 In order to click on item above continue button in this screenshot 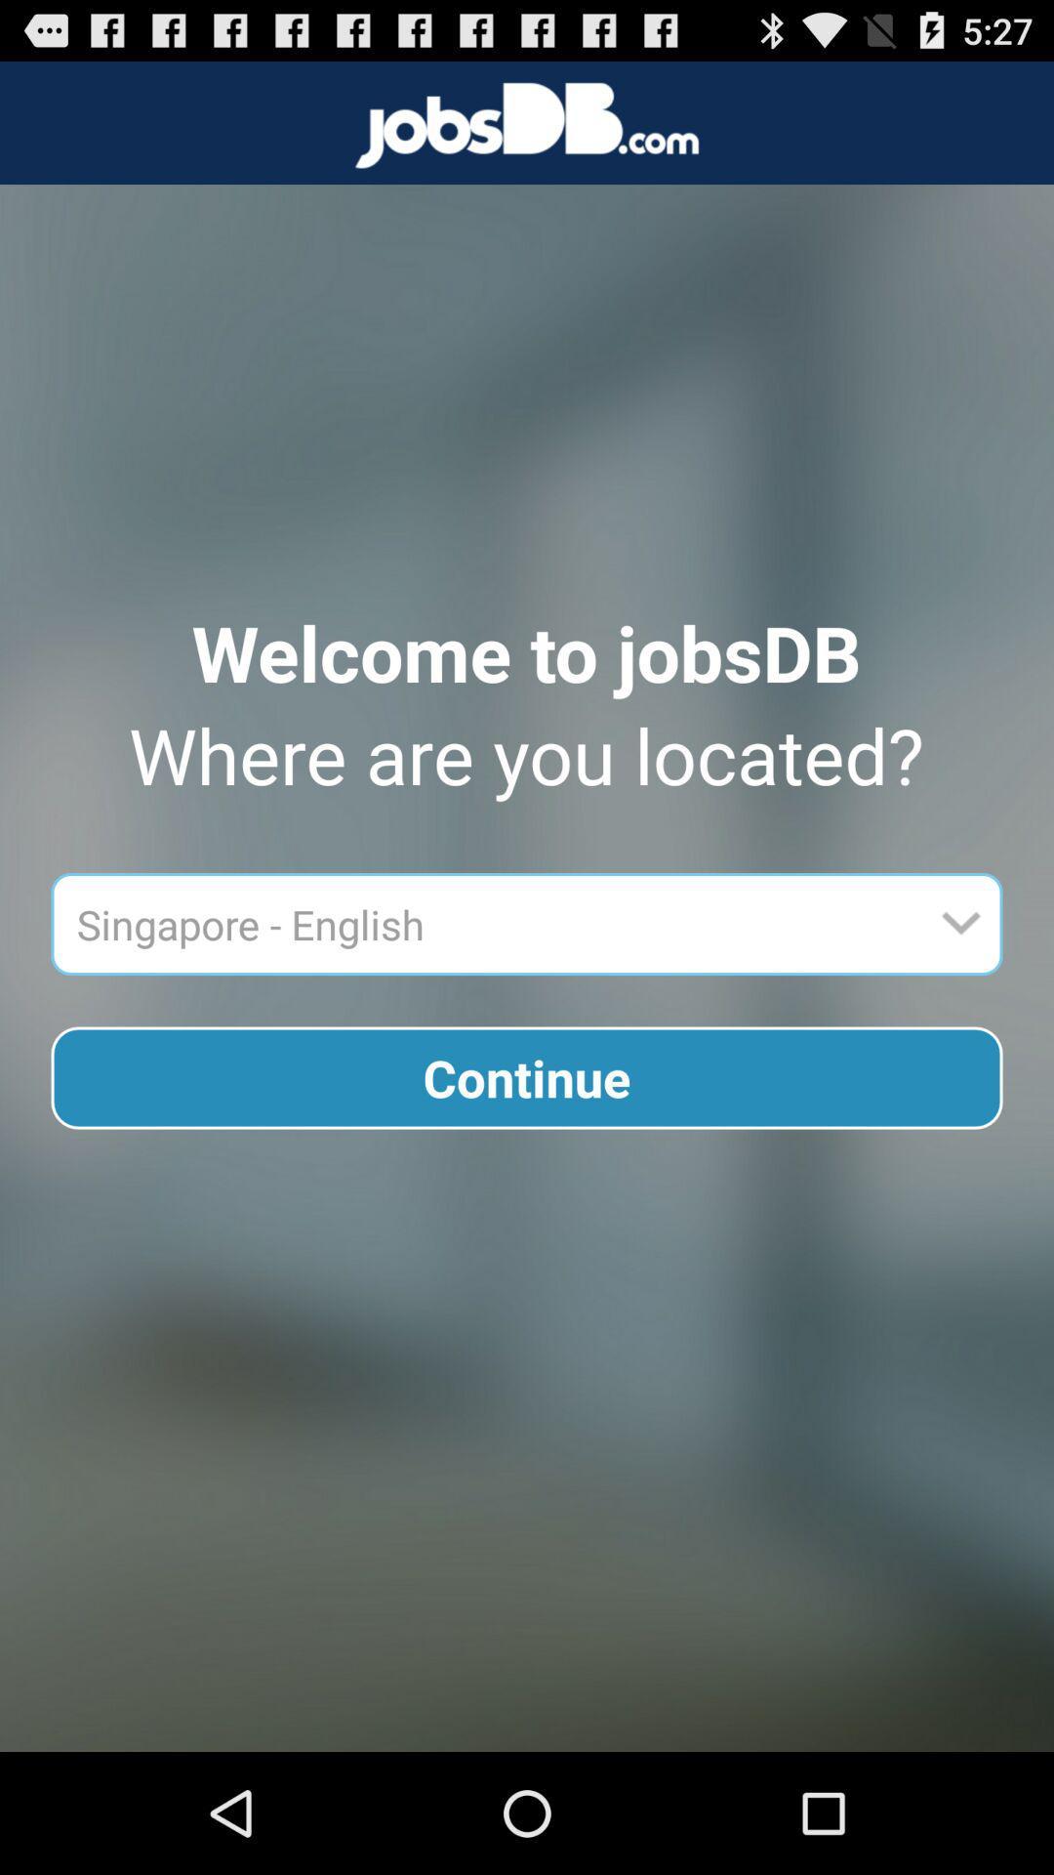, I will do `click(492, 923)`.